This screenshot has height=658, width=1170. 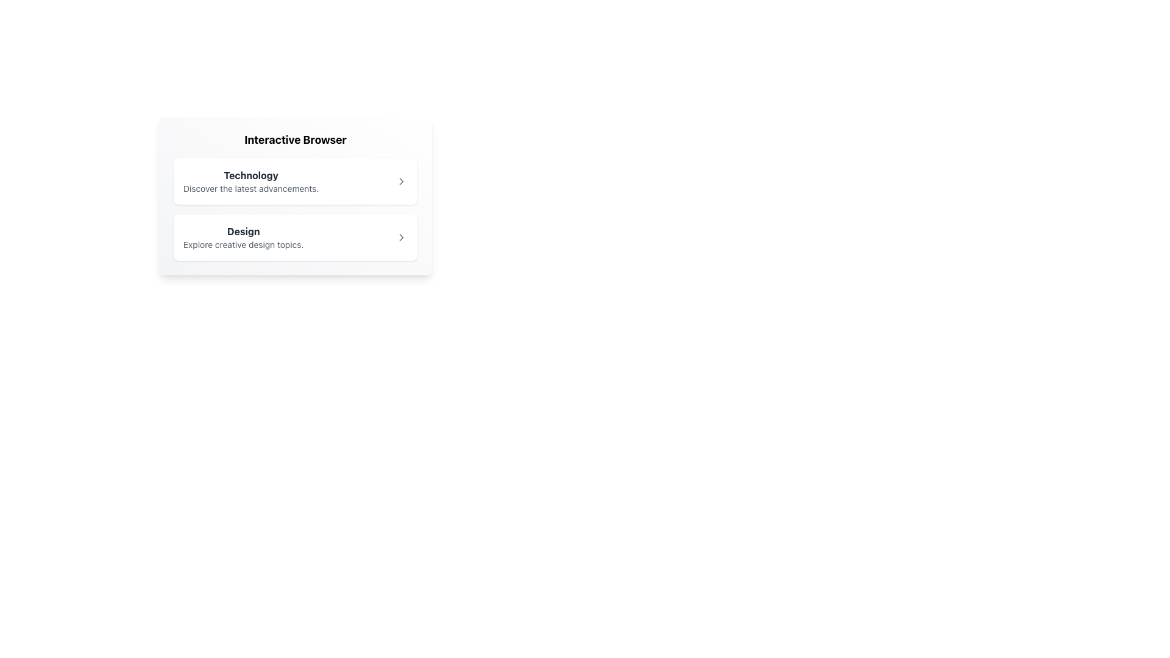 What do you see at coordinates (295, 237) in the screenshot?
I see `the selectable card for creative design topics, which is the second entry in a vertically stacked list of cards, positioned below the 'Technology' card` at bounding box center [295, 237].